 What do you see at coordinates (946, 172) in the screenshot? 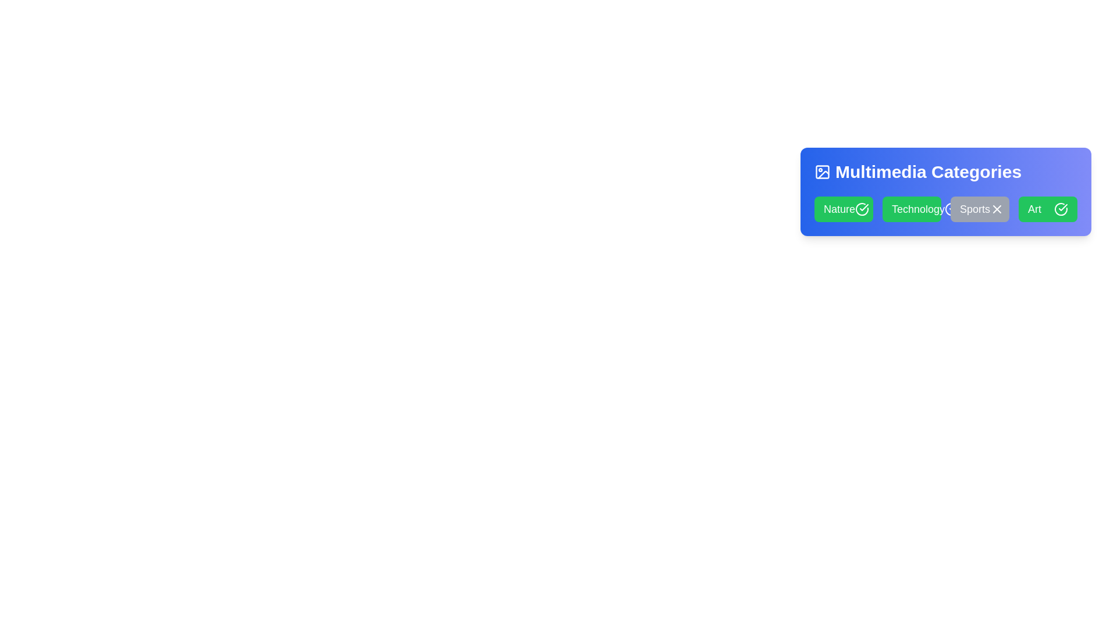
I see `the heading text 'Multimedia Categories' with the accompanying image icon, prominently displayed in white bold font, centered within a blue-to-indigo gradient background` at bounding box center [946, 172].